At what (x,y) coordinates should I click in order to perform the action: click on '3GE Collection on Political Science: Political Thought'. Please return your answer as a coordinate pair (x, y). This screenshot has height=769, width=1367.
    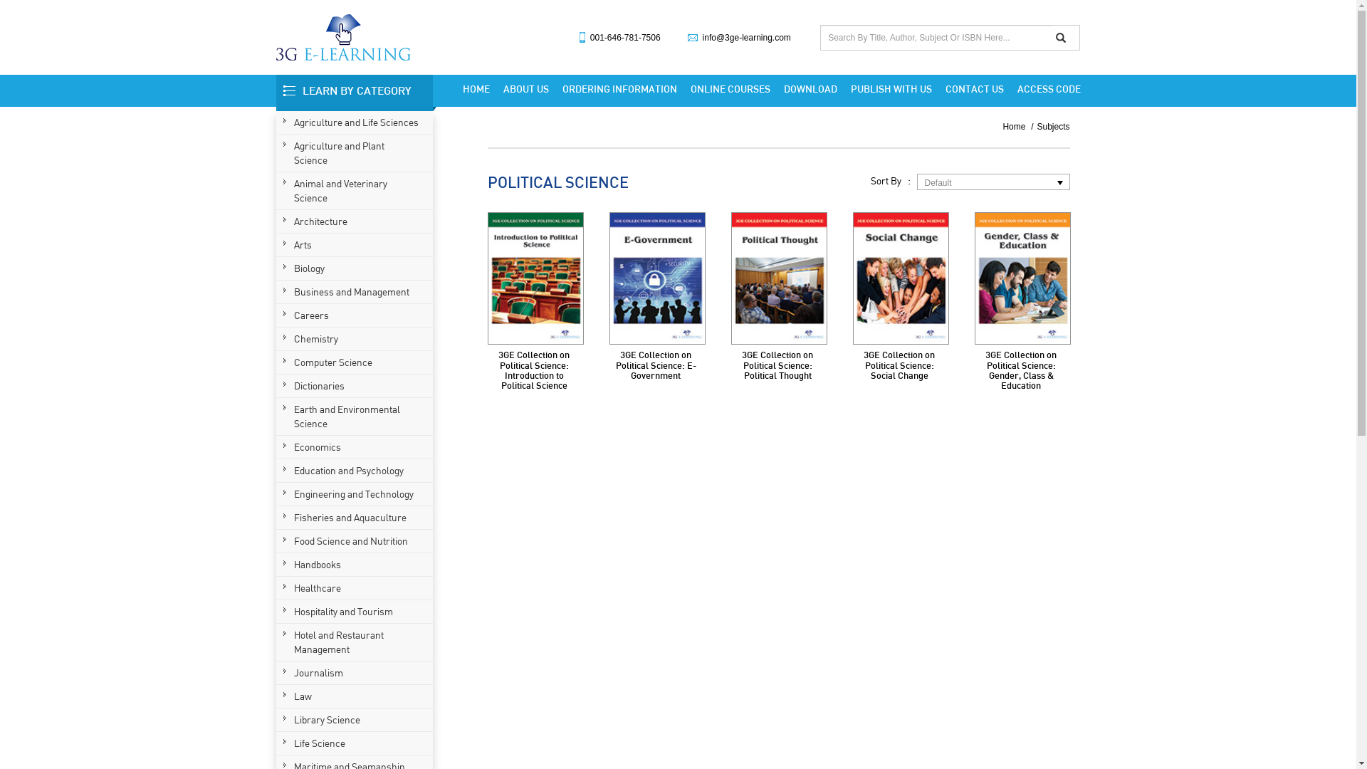
    Looking at the image, I should click on (778, 278).